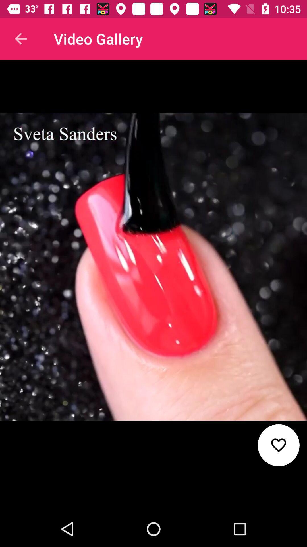  Describe the element at coordinates (278, 445) in the screenshot. I see `mark as favorite` at that location.